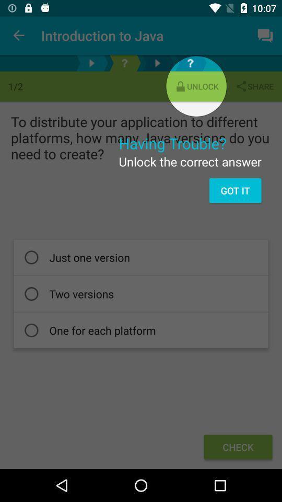  What do you see at coordinates (91, 63) in the screenshot?
I see `the button which is on left to the 1st  button from left side of the web page` at bounding box center [91, 63].